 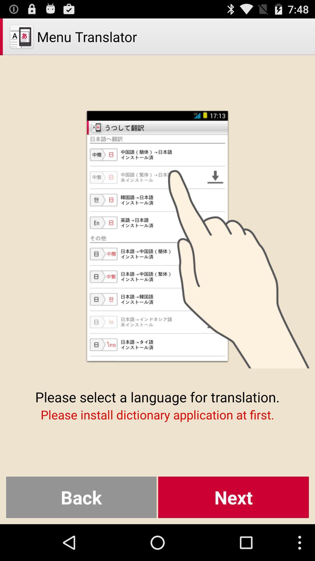 What do you see at coordinates (81, 497) in the screenshot?
I see `the button next to the next item` at bounding box center [81, 497].